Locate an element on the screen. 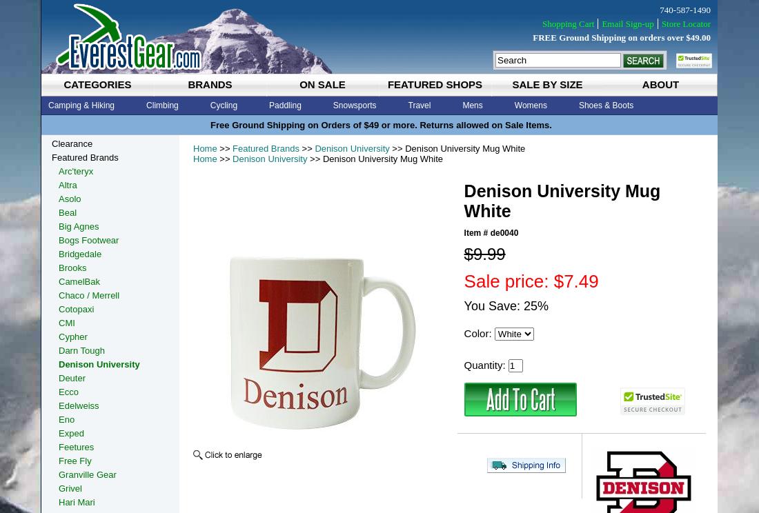  'Bogs Footwear' is located at coordinates (88, 239).